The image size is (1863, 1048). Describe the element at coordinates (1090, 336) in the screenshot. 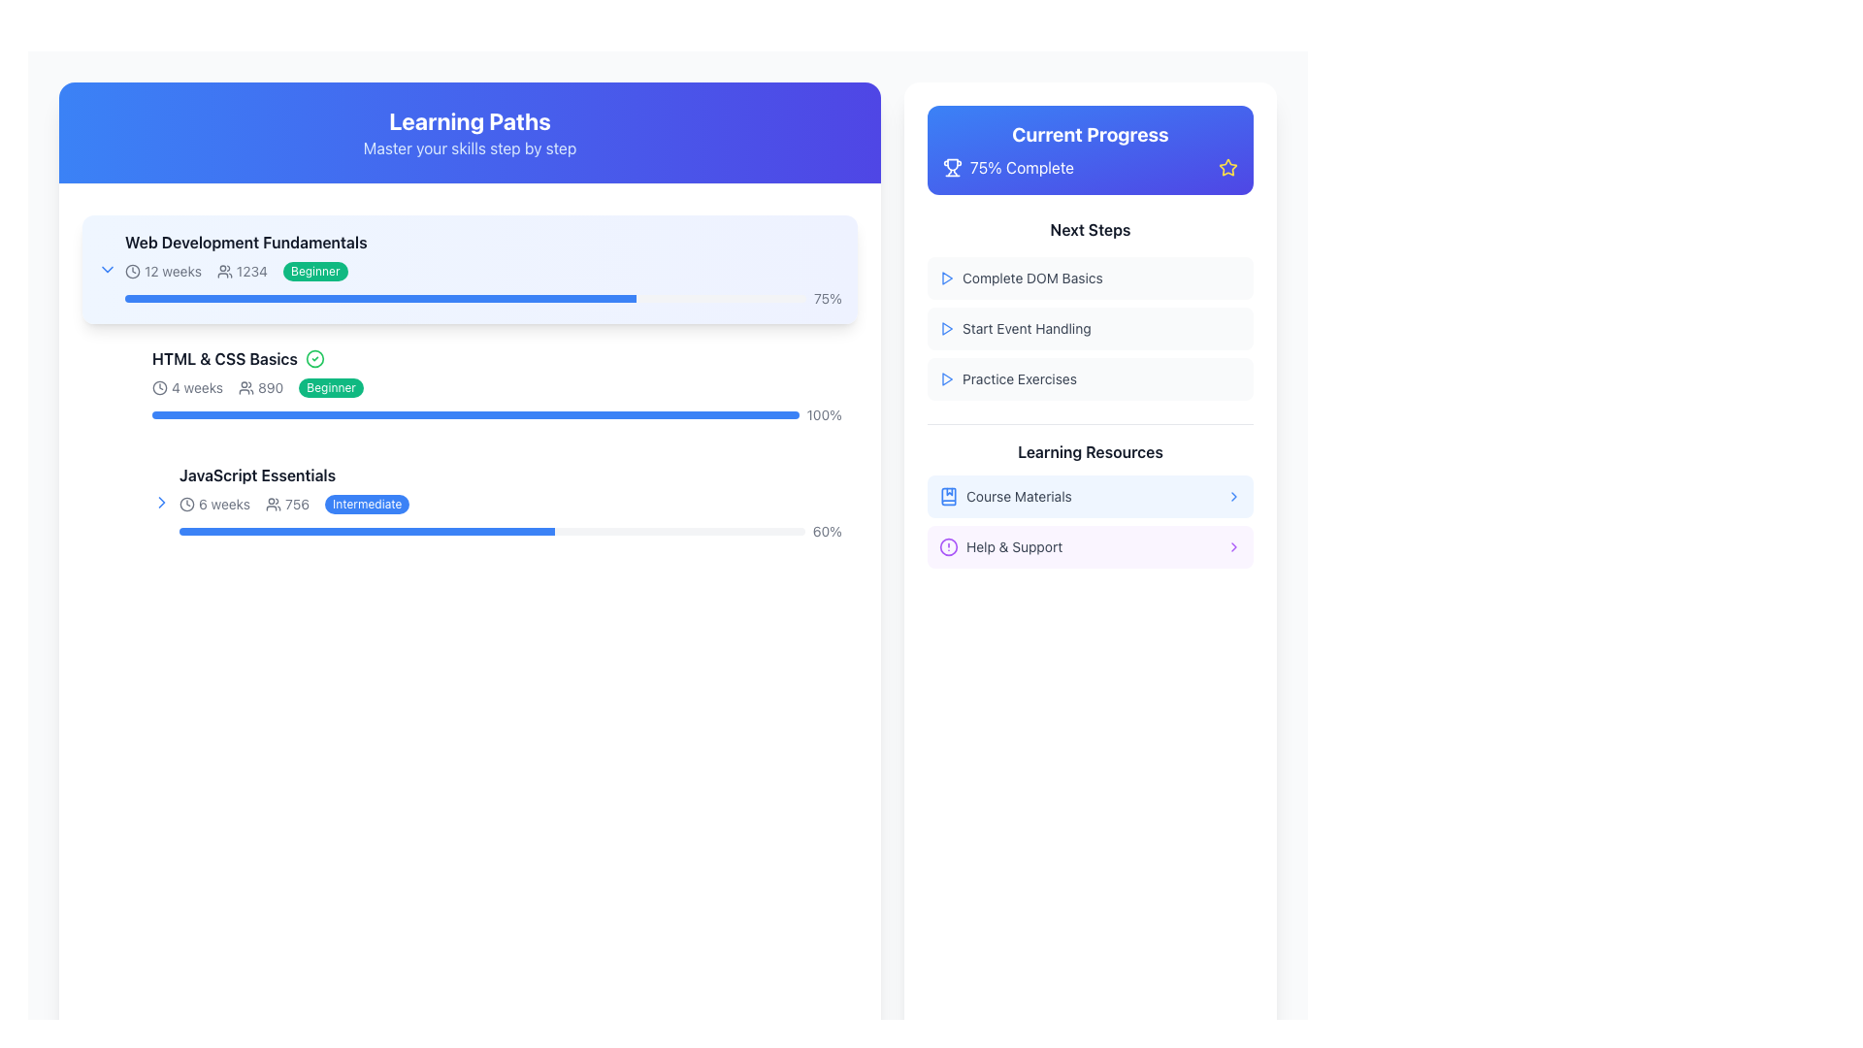

I see `the 'Start Event Handling' actionable item in the 'Next Steps' section of the 'Current Progress' card` at that location.